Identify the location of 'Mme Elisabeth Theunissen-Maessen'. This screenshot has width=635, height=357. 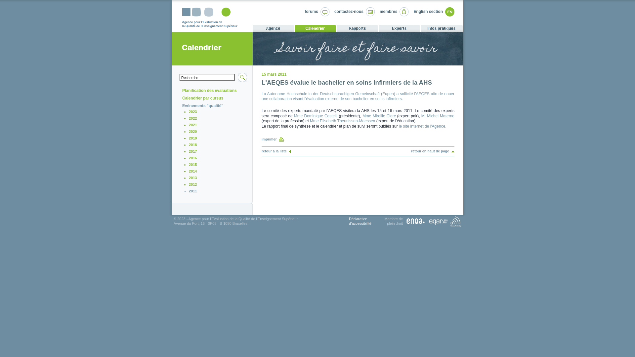
(342, 121).